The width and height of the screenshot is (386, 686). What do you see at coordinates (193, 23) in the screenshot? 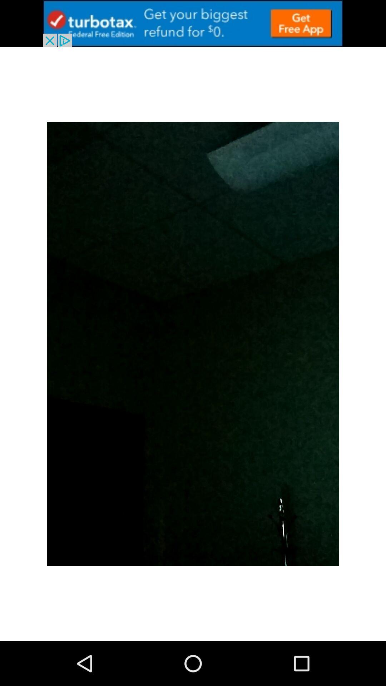
I see `advertisement link` at bounding box center [193, 23].